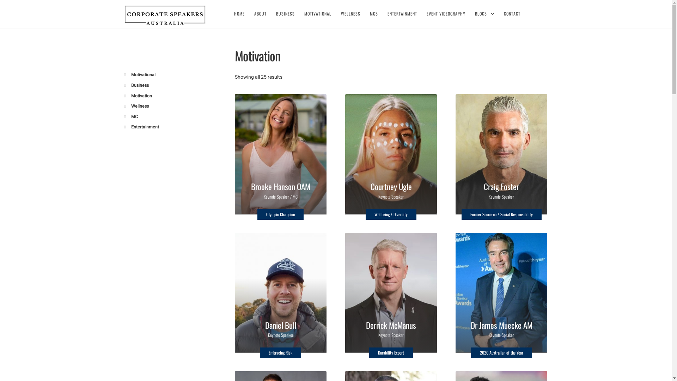 Image resolution: width=677 pixels, height=381 pixels. What do you see at coordinates (422, 13) in the screenshot?
I see `'EVENT VIDEOGRAPHY'` at bounding box center [422, 13].